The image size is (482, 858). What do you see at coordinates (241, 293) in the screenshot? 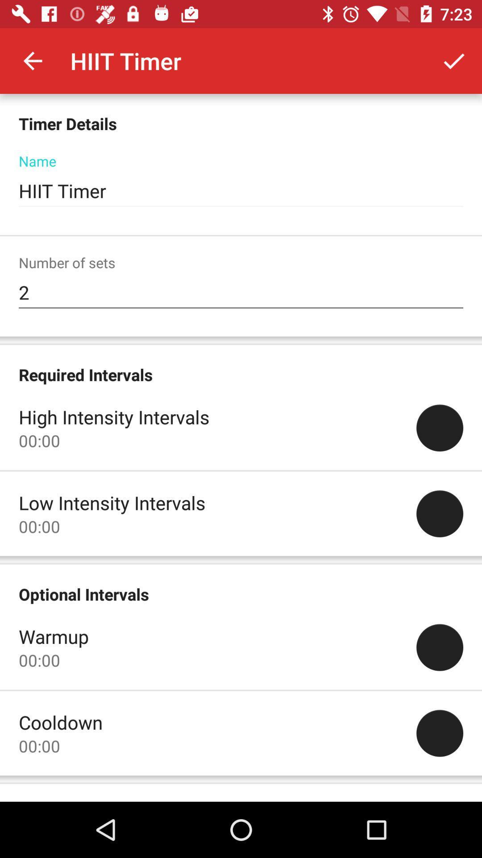
I see `2` at bounding box center [241, 293].